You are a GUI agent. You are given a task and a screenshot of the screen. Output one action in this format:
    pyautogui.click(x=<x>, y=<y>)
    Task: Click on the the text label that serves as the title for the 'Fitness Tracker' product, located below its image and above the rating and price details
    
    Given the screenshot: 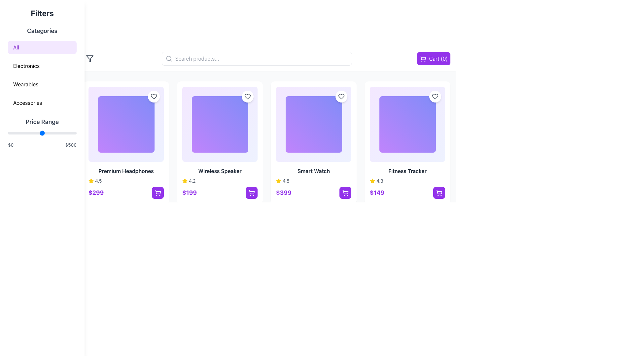 What is the action you would take?
    pyautogui.click(x=407, y=171)
    